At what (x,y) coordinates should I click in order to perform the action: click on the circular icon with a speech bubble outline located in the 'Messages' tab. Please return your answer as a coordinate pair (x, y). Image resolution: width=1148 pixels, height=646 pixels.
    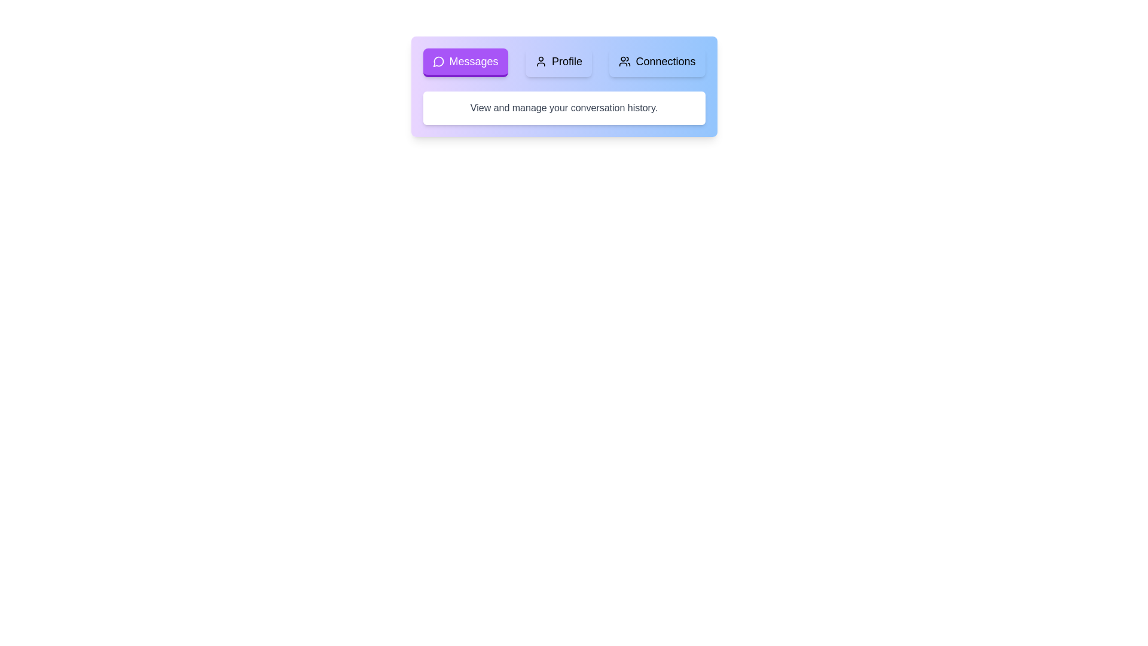
    Looking at the image, I should click on (438, 62).